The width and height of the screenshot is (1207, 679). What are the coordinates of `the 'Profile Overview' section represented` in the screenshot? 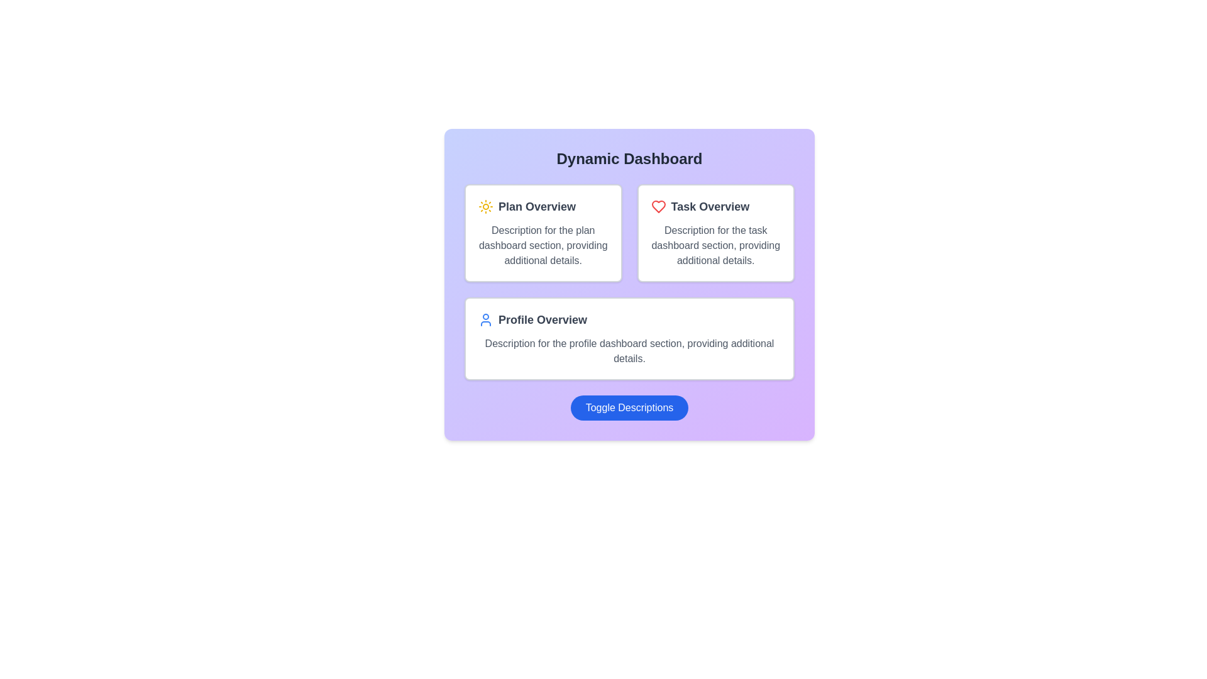 It's located at (629, 319).